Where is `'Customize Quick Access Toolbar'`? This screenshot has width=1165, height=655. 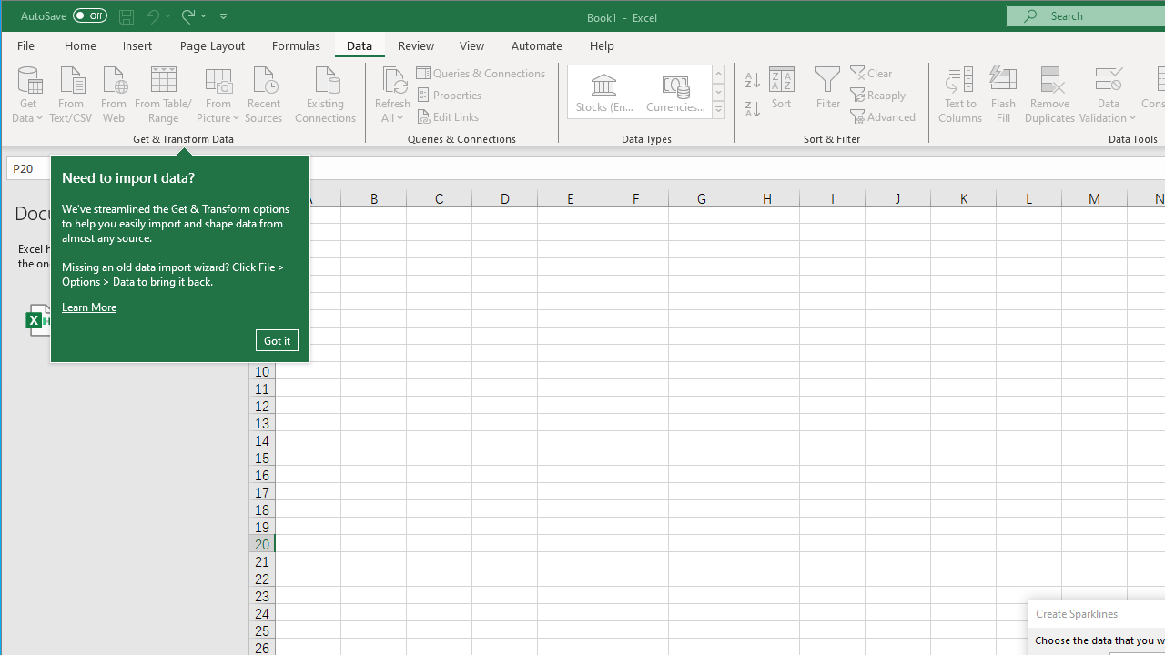 'Customize Quick Access Toolbar' is located at coordinates (222, 15).